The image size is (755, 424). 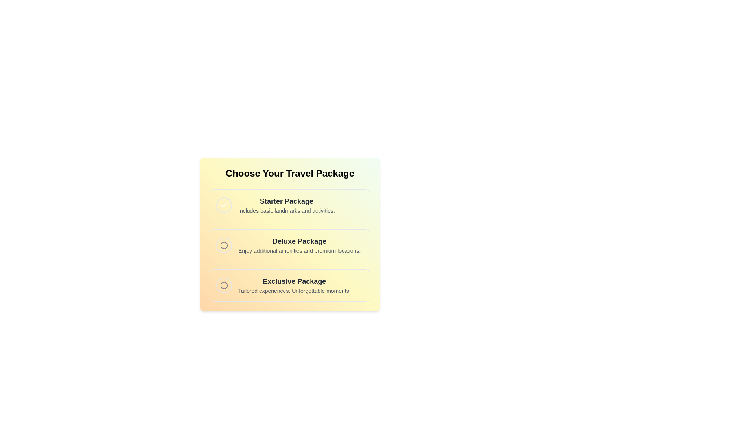 What do you see at coordinates (294, 281) in the screenshot?
I see `the text label indicating the exclusivity of the travel package, which is the third item in the list under 'Choose Your Travel Package'` at bounding box center [294, 281].